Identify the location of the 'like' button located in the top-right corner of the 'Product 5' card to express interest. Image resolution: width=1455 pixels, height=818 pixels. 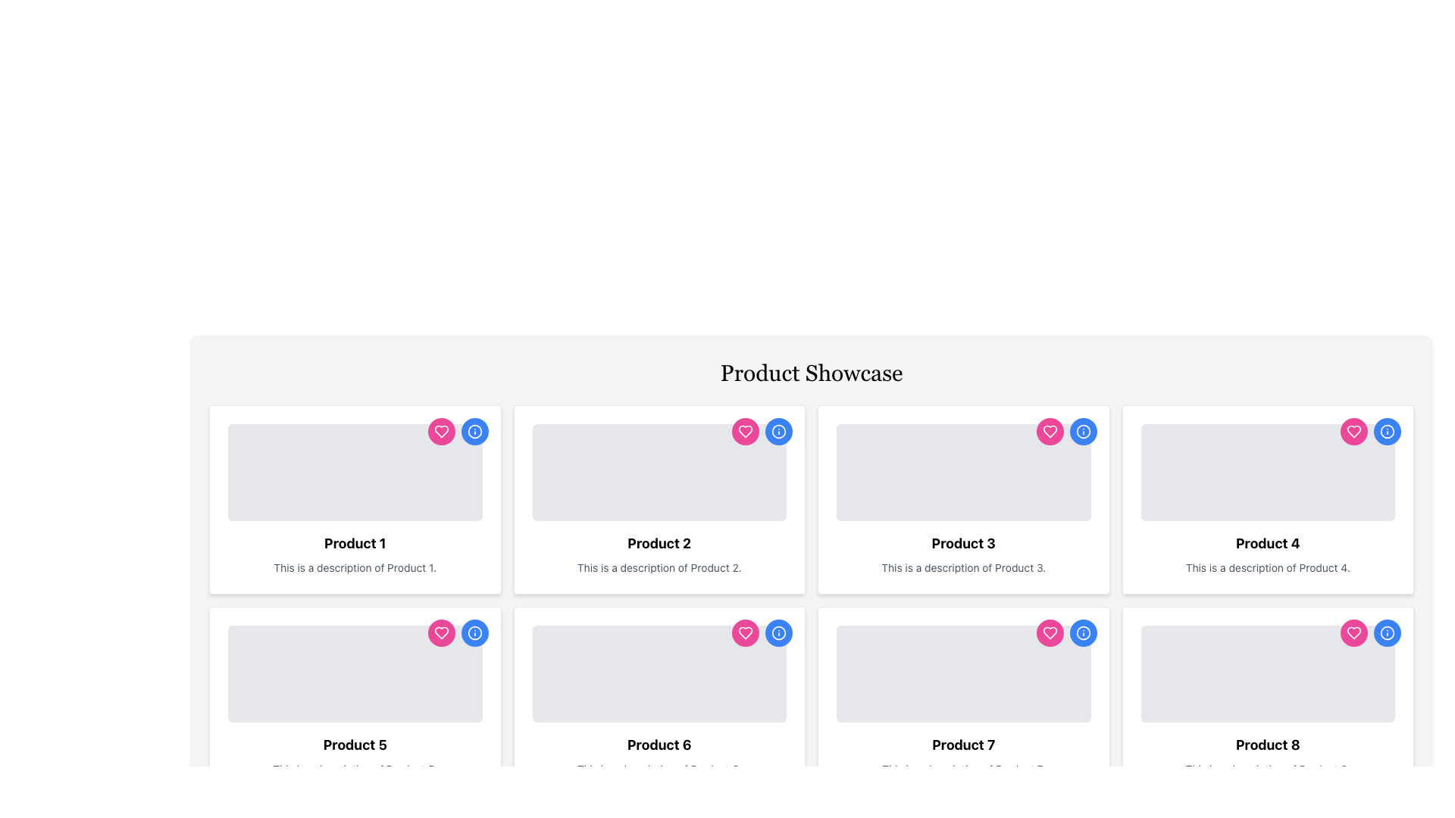
(440, 633).